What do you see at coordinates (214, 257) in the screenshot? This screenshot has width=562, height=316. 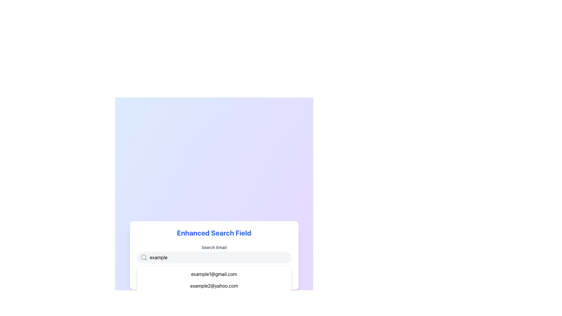 I see `the partial text in the rounded search bar containing the text 'example', located beneath the heading 'Search Email'` at bounding box center [214, 257].